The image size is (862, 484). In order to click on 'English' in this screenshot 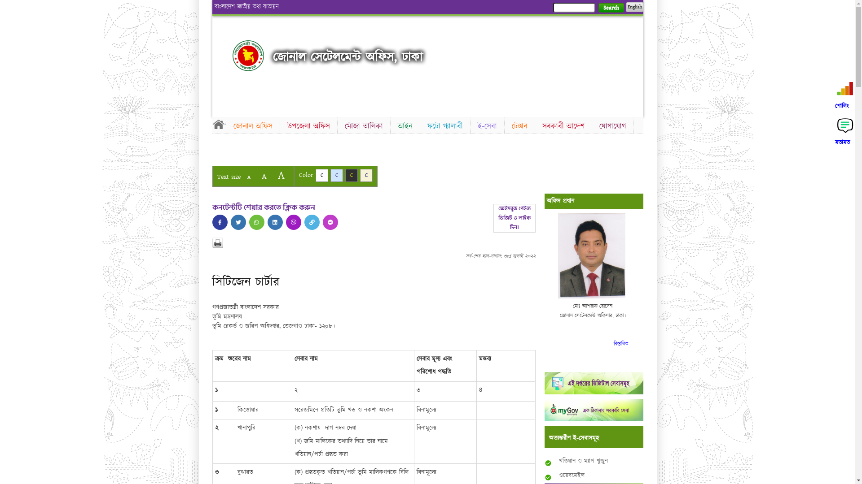, I will do `click(633, 7)`.